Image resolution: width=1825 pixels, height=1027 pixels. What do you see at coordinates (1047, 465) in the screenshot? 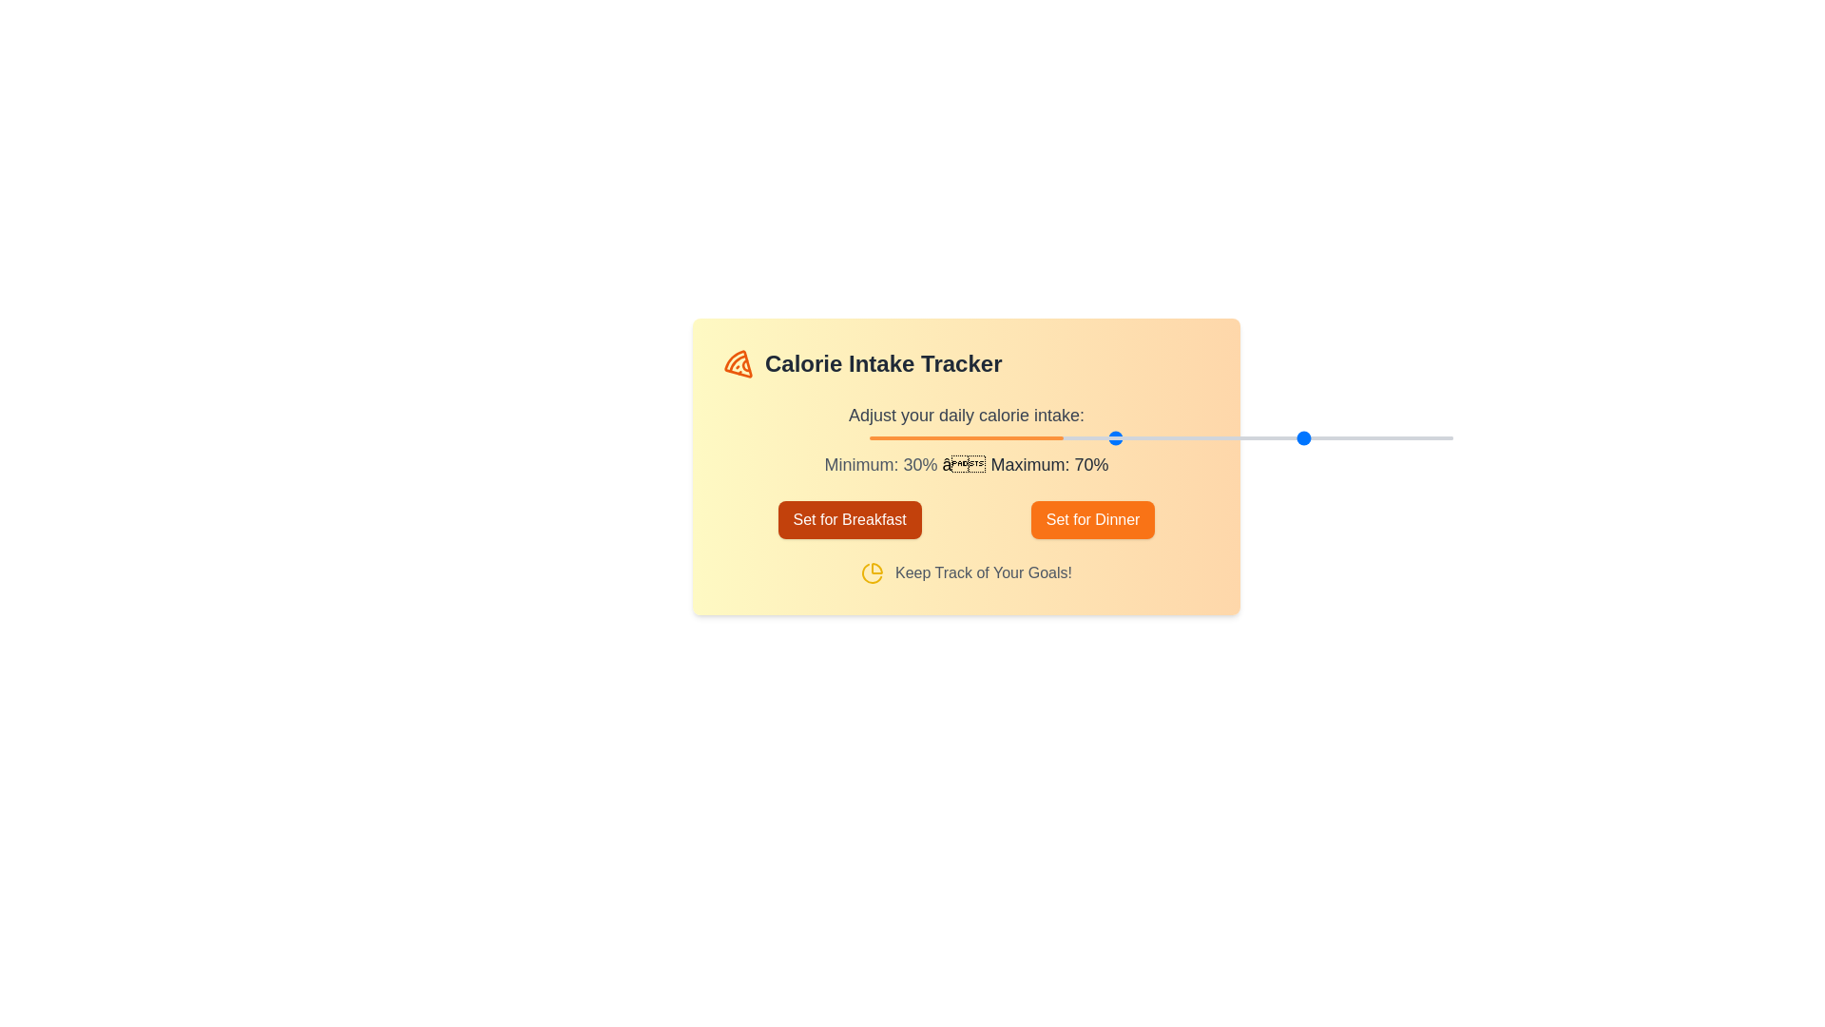
I see `the static text element that indicates the maximum value of '70%', located below the header 'Adjust your daily calorie intake:' and to the right of 'Minimum: 30%.'` at bounding box center [1047, 465].